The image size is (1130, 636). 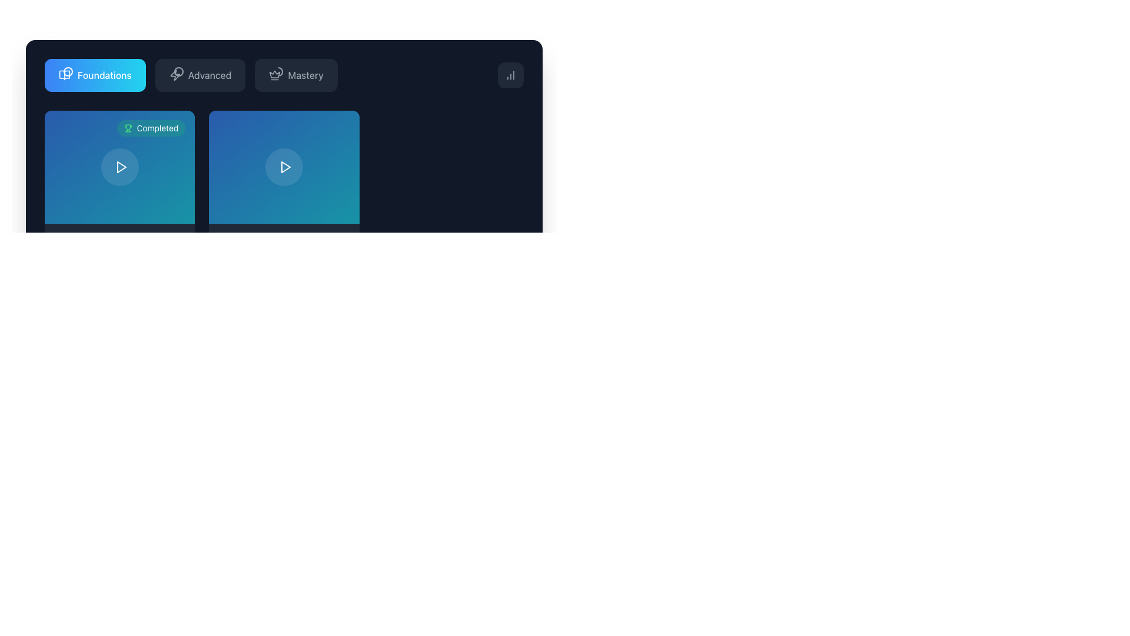 I want to click on the 'Mastery' navigation button, so click(x=296, y=75).